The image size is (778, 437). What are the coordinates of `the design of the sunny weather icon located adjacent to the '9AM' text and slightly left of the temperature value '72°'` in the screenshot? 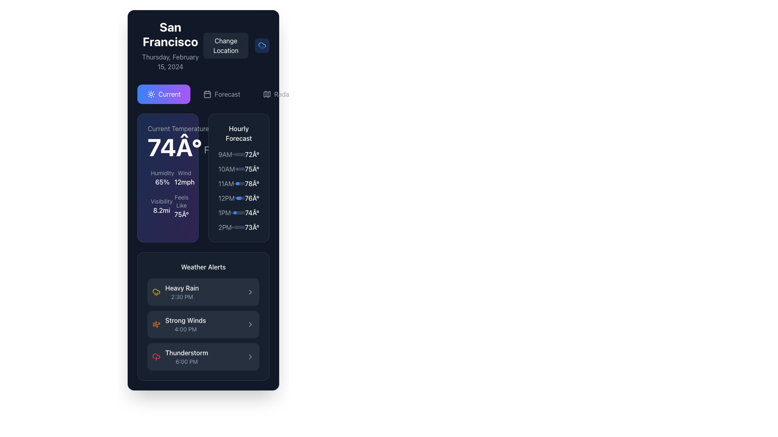 It's located at (233, 154).